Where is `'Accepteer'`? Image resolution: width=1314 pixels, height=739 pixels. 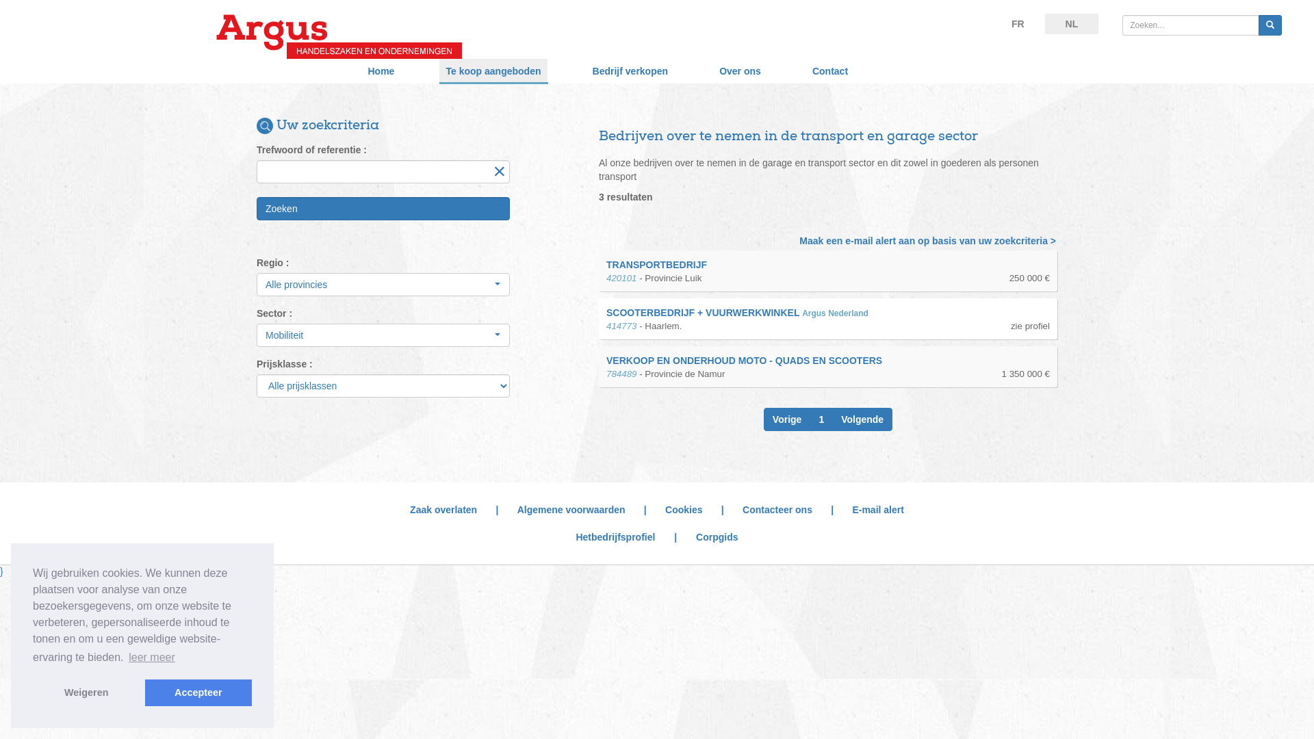
'Accepteer' is located at coordinates (197, 692).